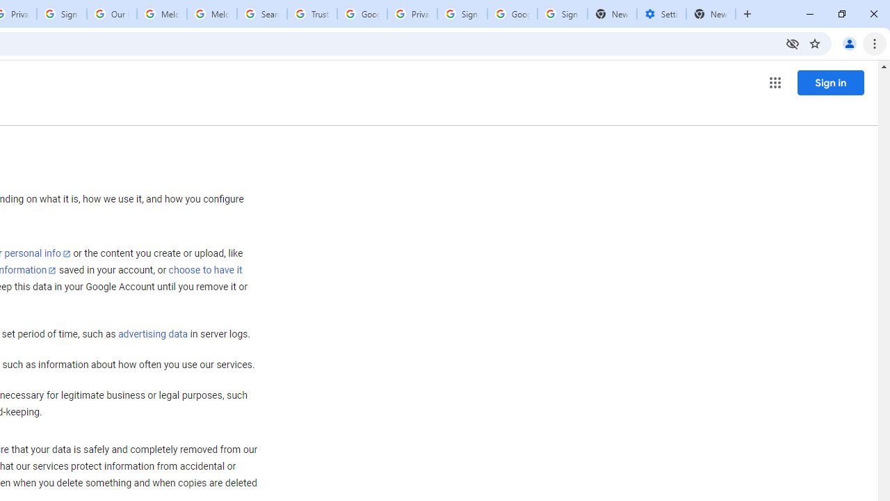 The height and width of the screenshot is (501, 890). What do you see at coordinates (711, 14) in the screenshot?
I see `'New Tab'` at bounding box center [711, 14].